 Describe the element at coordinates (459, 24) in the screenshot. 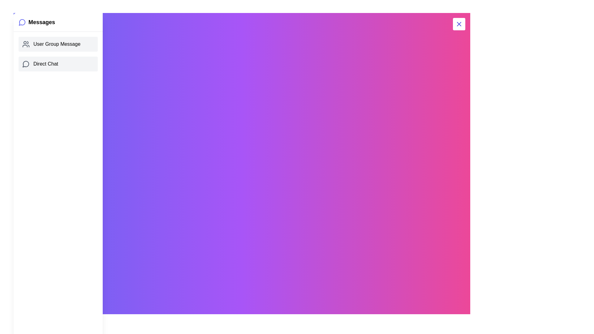

I see `the Close Icon located near the top-right corner of the interface to trigger its visual hover effect` at that location.